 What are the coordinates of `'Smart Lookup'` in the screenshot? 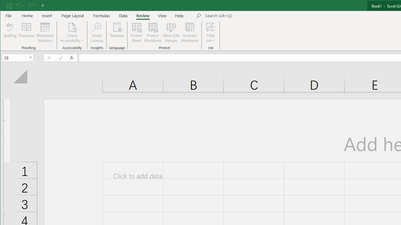 It's located at (96, 32).